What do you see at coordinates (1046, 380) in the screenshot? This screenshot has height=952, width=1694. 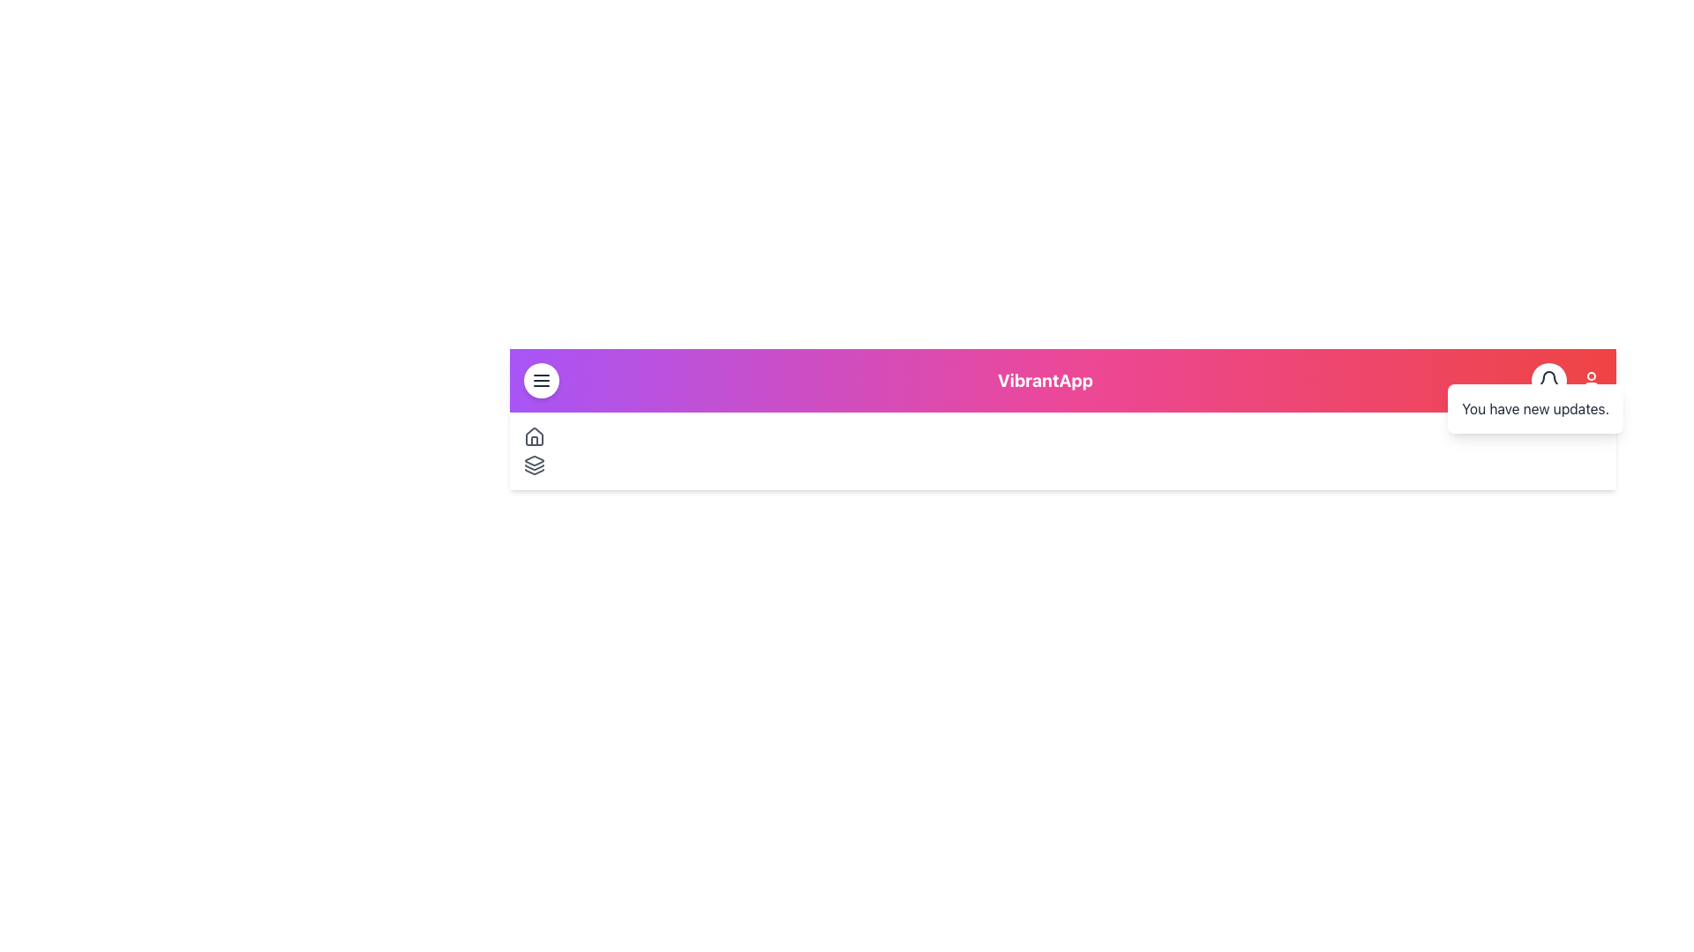 I see `the 'VibrantApp' text label, which is centrally located in the top bar between the menu icon and the account icons` at bounding box center [1046, 380].